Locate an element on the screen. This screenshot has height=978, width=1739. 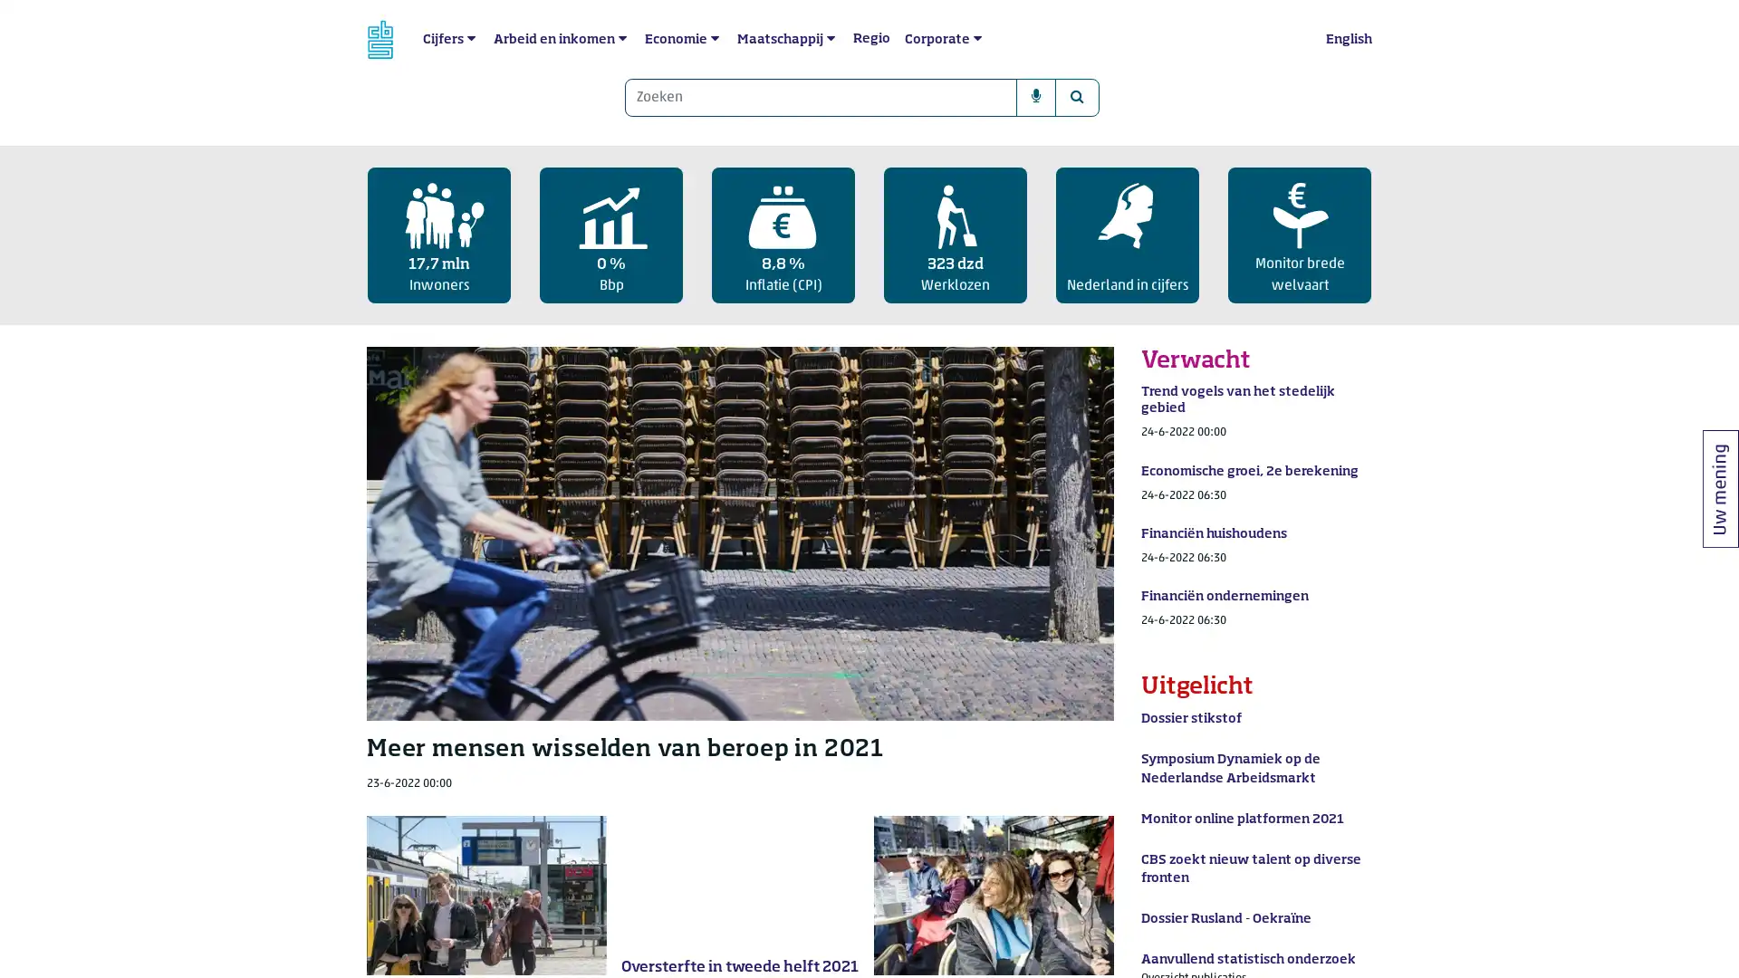
submenu Maatschappij is located at coordinates (830, 38).